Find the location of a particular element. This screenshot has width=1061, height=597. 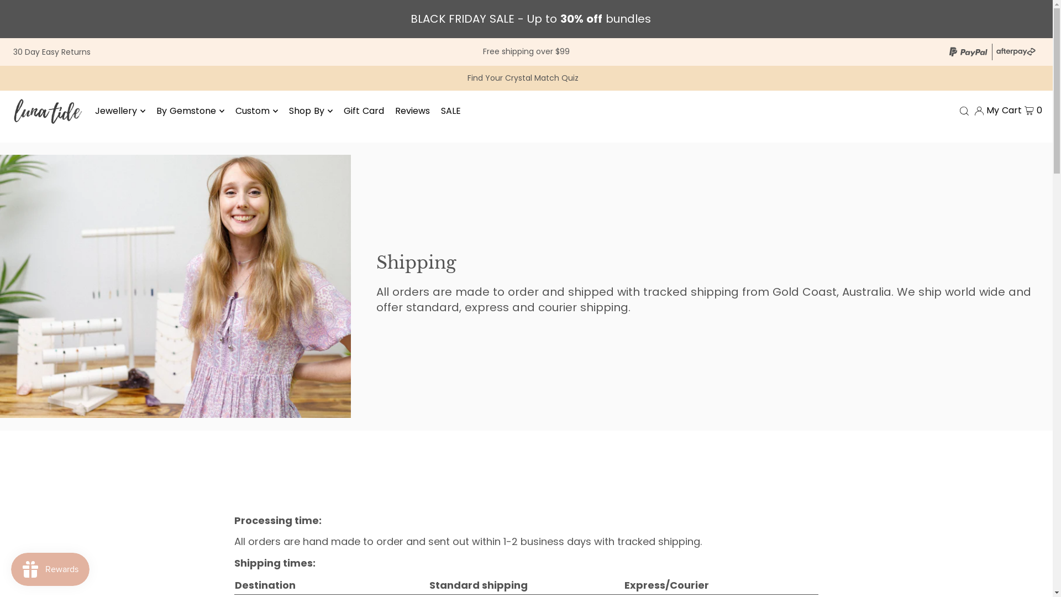

'Jewellery' is located at coordinates (120, 111).